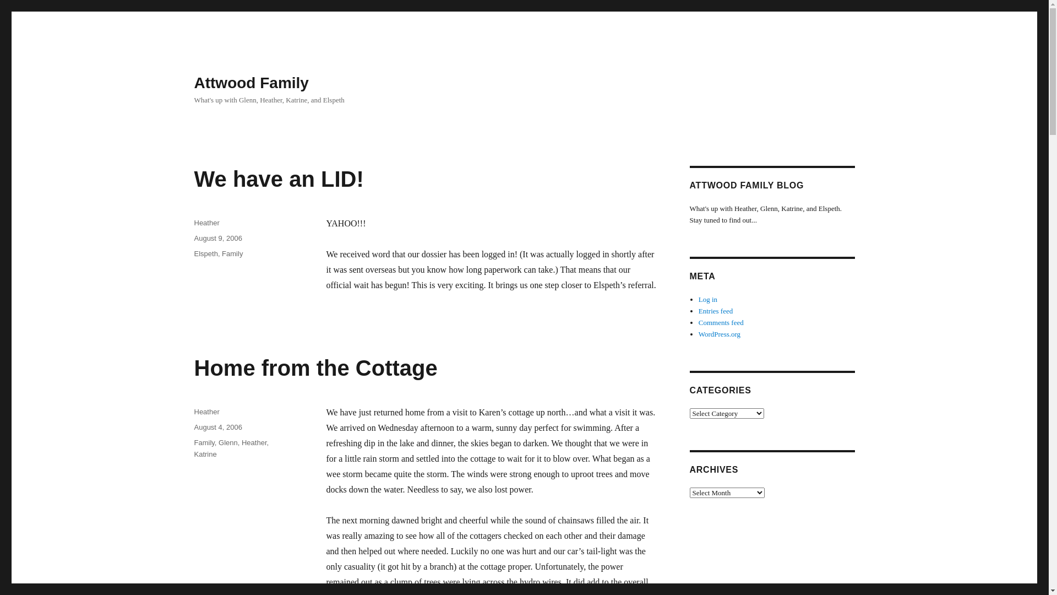 The height and width of the screenshot is (595, 1057). I want to click on 'Comments feed', so click(721, 322).